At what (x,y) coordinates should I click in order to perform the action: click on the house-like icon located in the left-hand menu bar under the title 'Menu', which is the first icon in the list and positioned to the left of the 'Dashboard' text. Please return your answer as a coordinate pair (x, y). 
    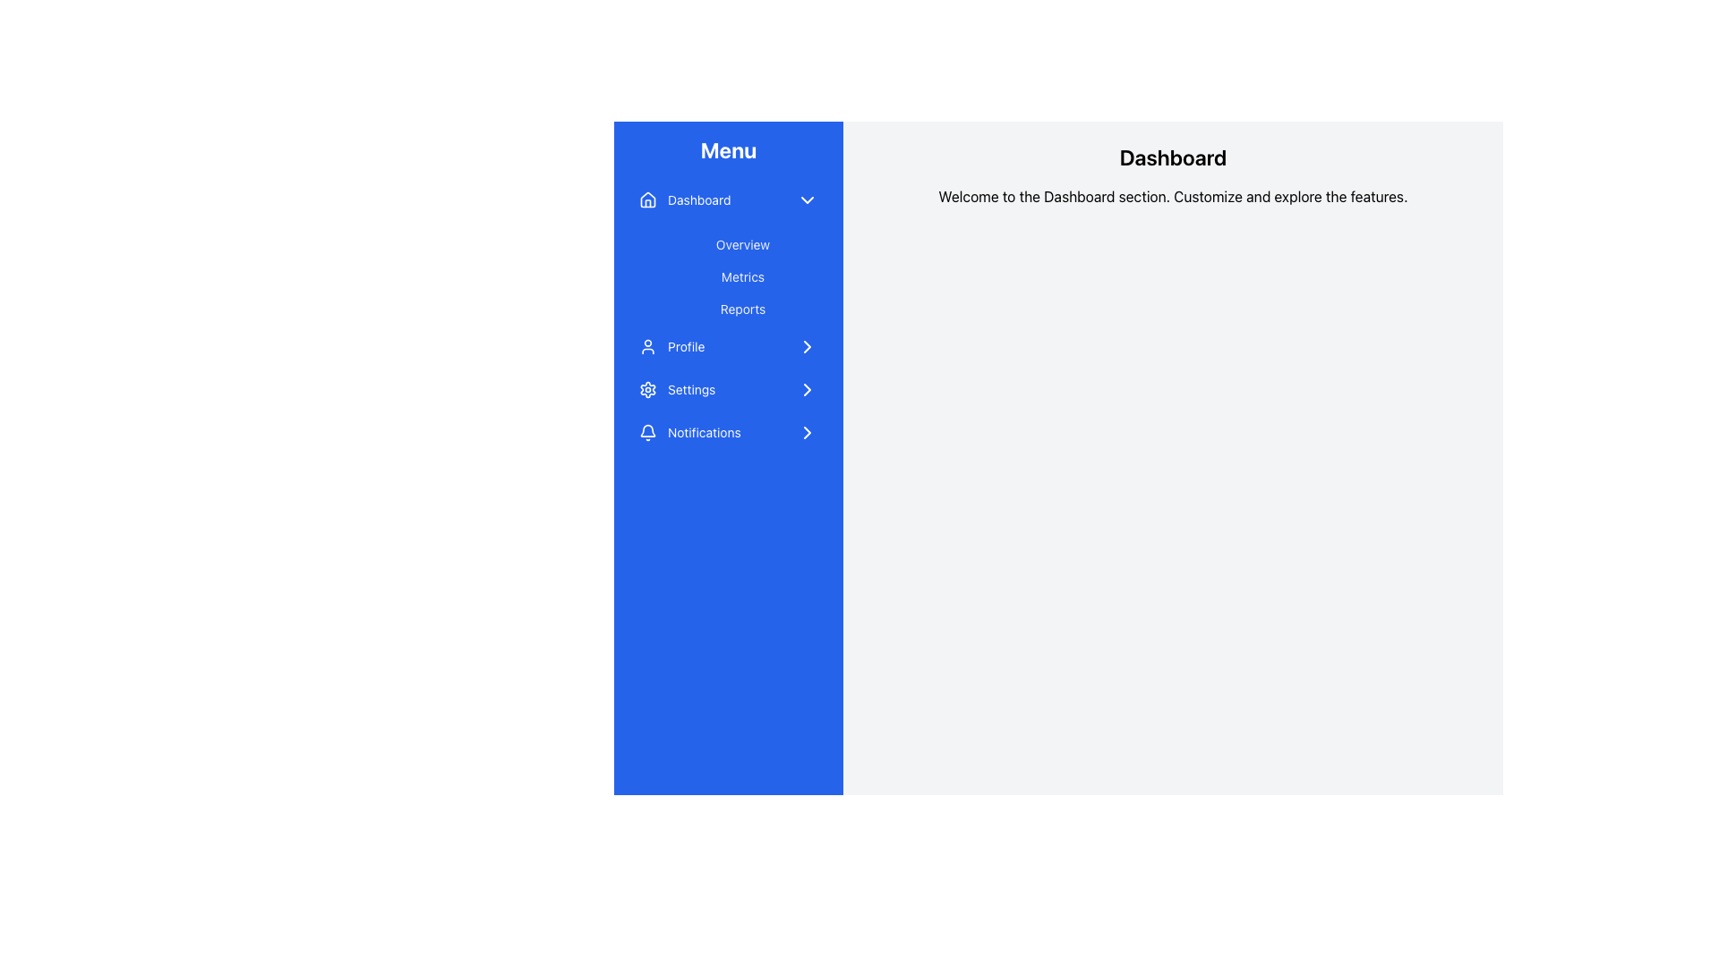
    Looking at the image, I should click on (647, 199).